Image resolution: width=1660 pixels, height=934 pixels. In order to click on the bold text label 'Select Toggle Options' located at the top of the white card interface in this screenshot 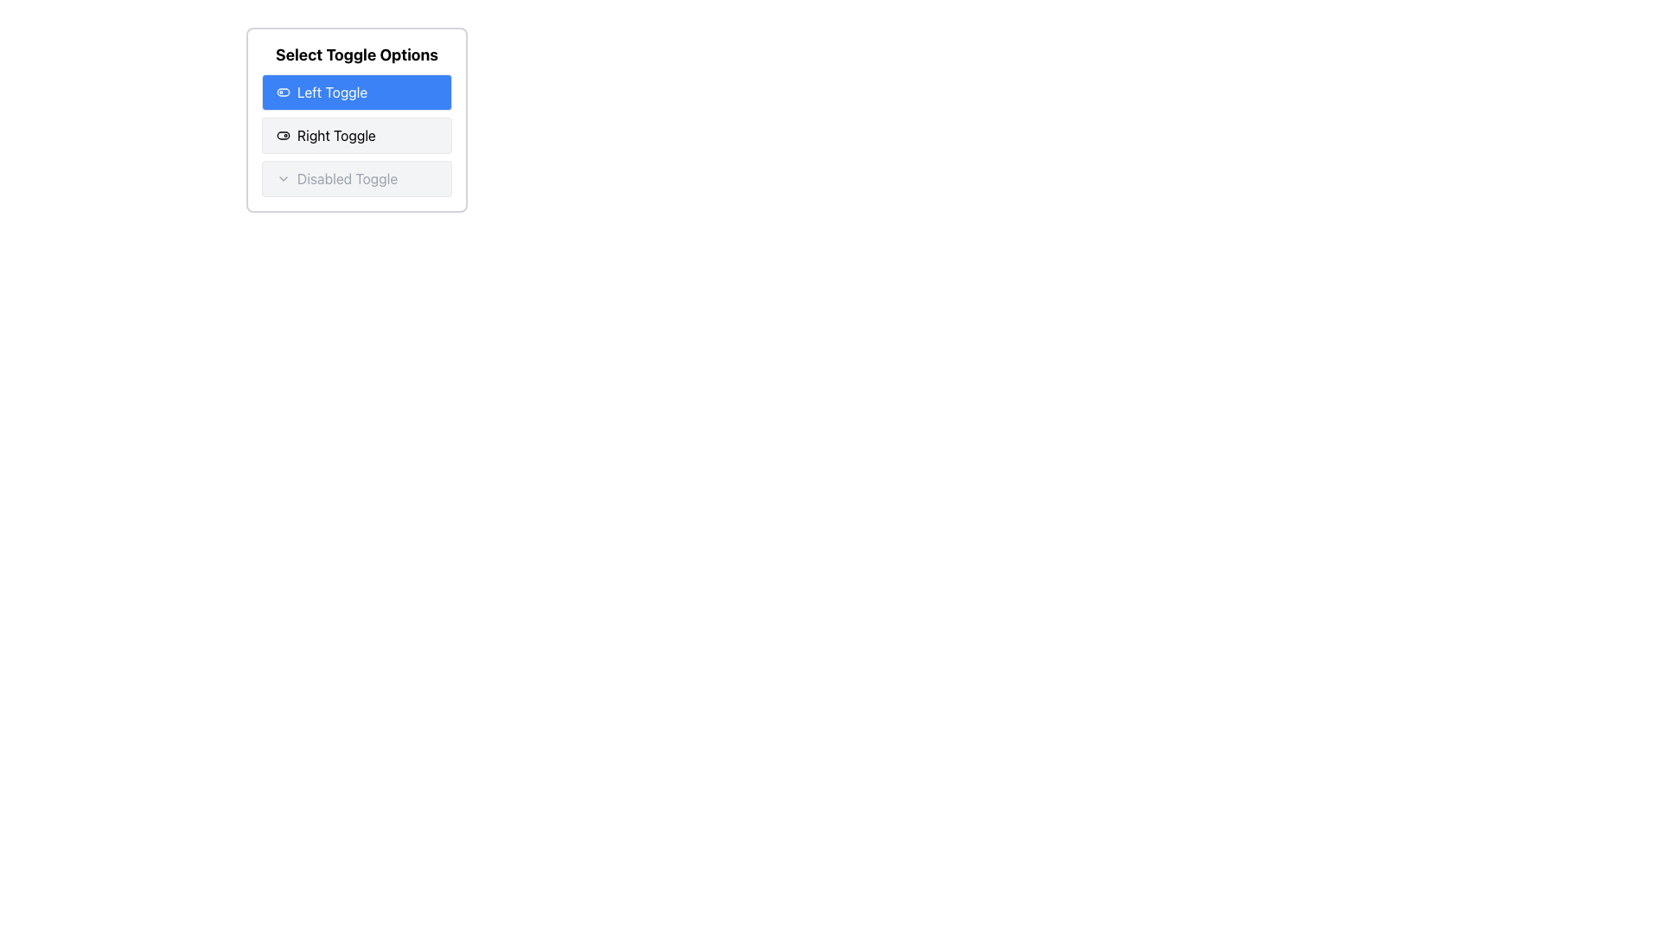, I will do `click(355, 54)`.